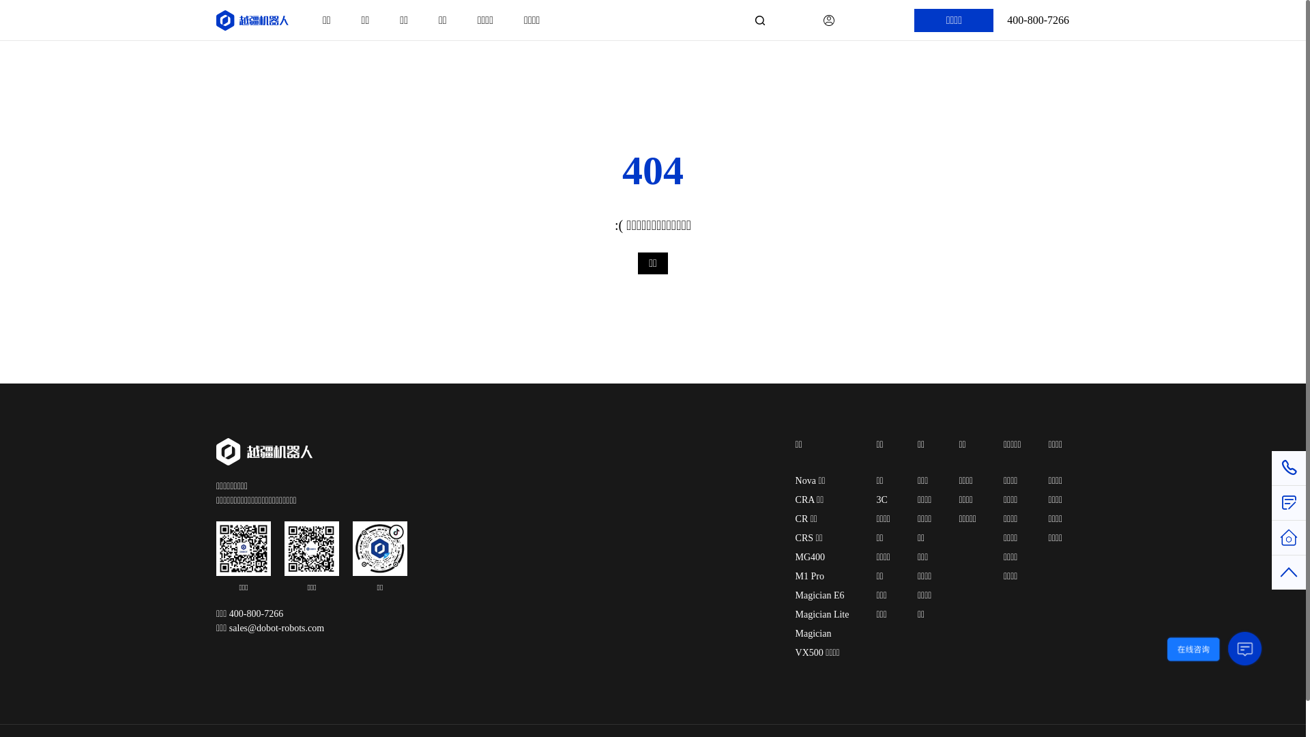 This screenshot has width=1310, height=737. I want to click on 'Magician Lite', so click(821, 614).